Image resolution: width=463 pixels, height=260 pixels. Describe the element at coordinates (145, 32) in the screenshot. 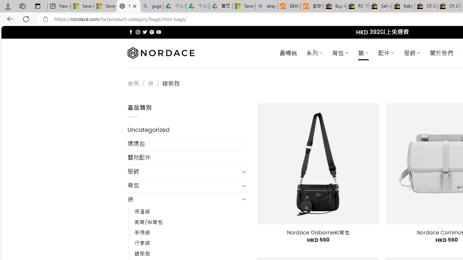

I see `'Follow on Twitter'` at that location.